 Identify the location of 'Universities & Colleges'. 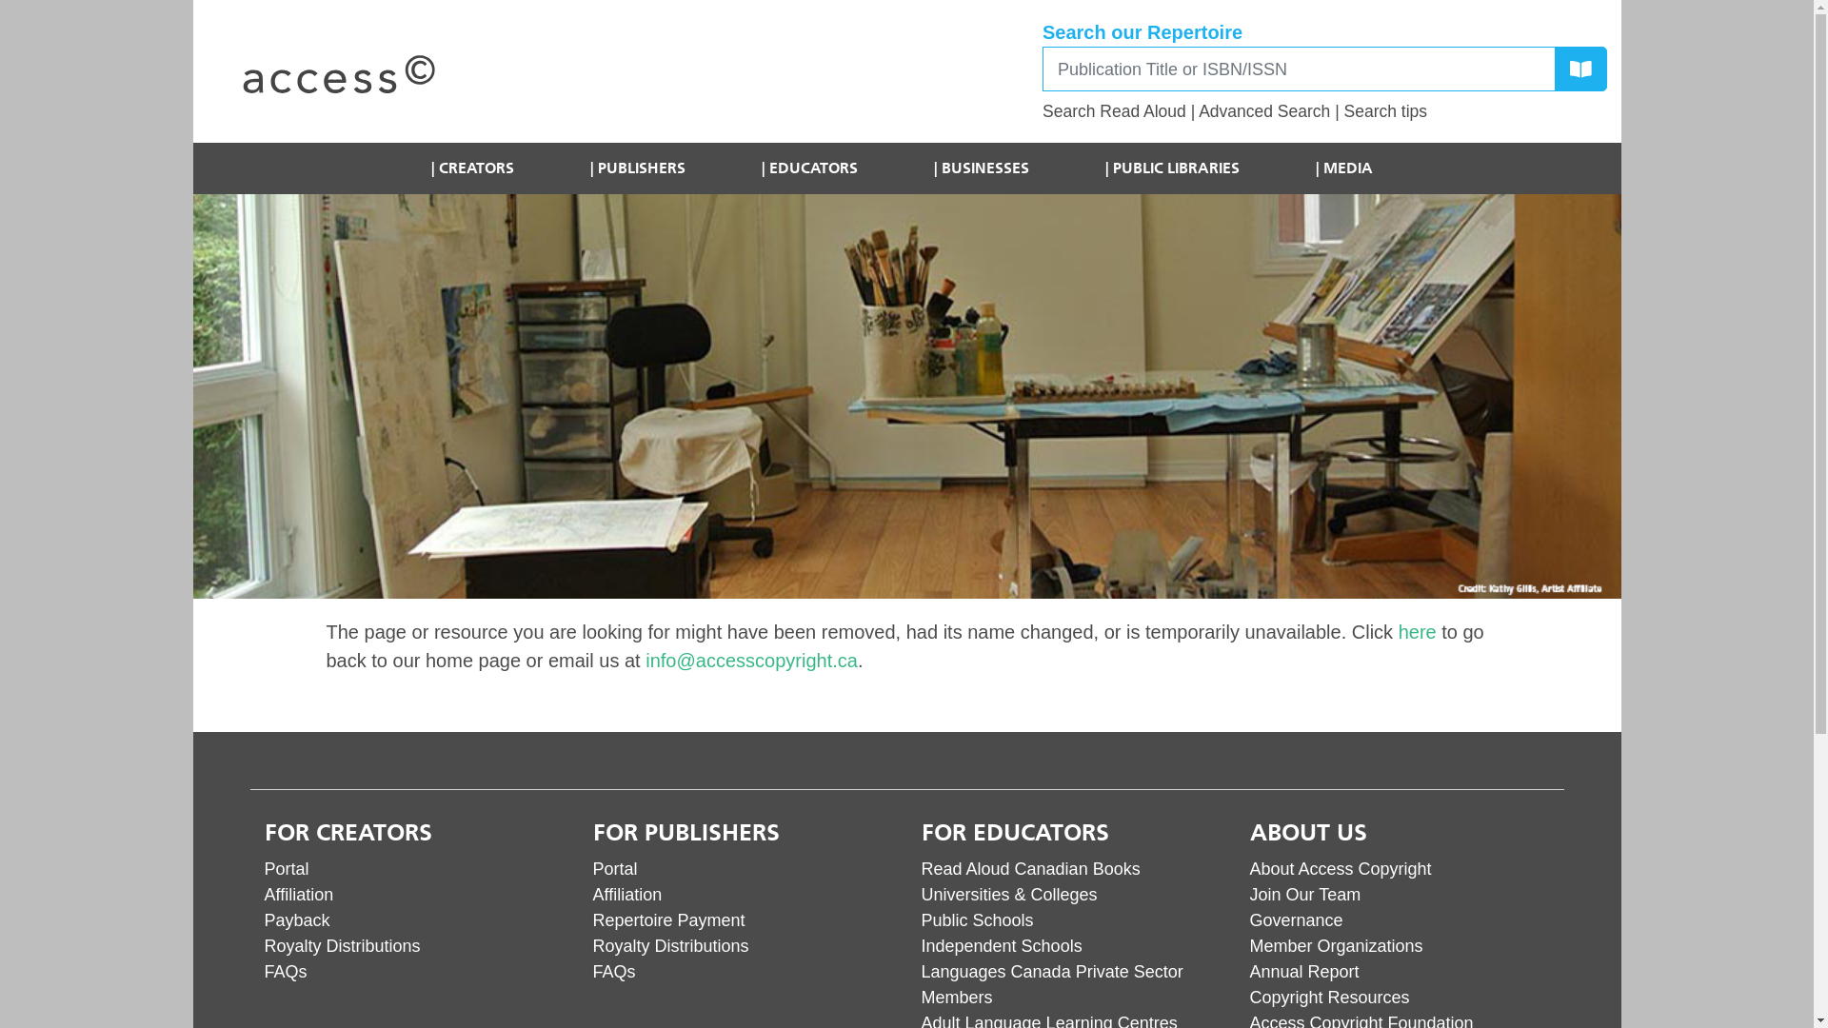
(1008, 895).